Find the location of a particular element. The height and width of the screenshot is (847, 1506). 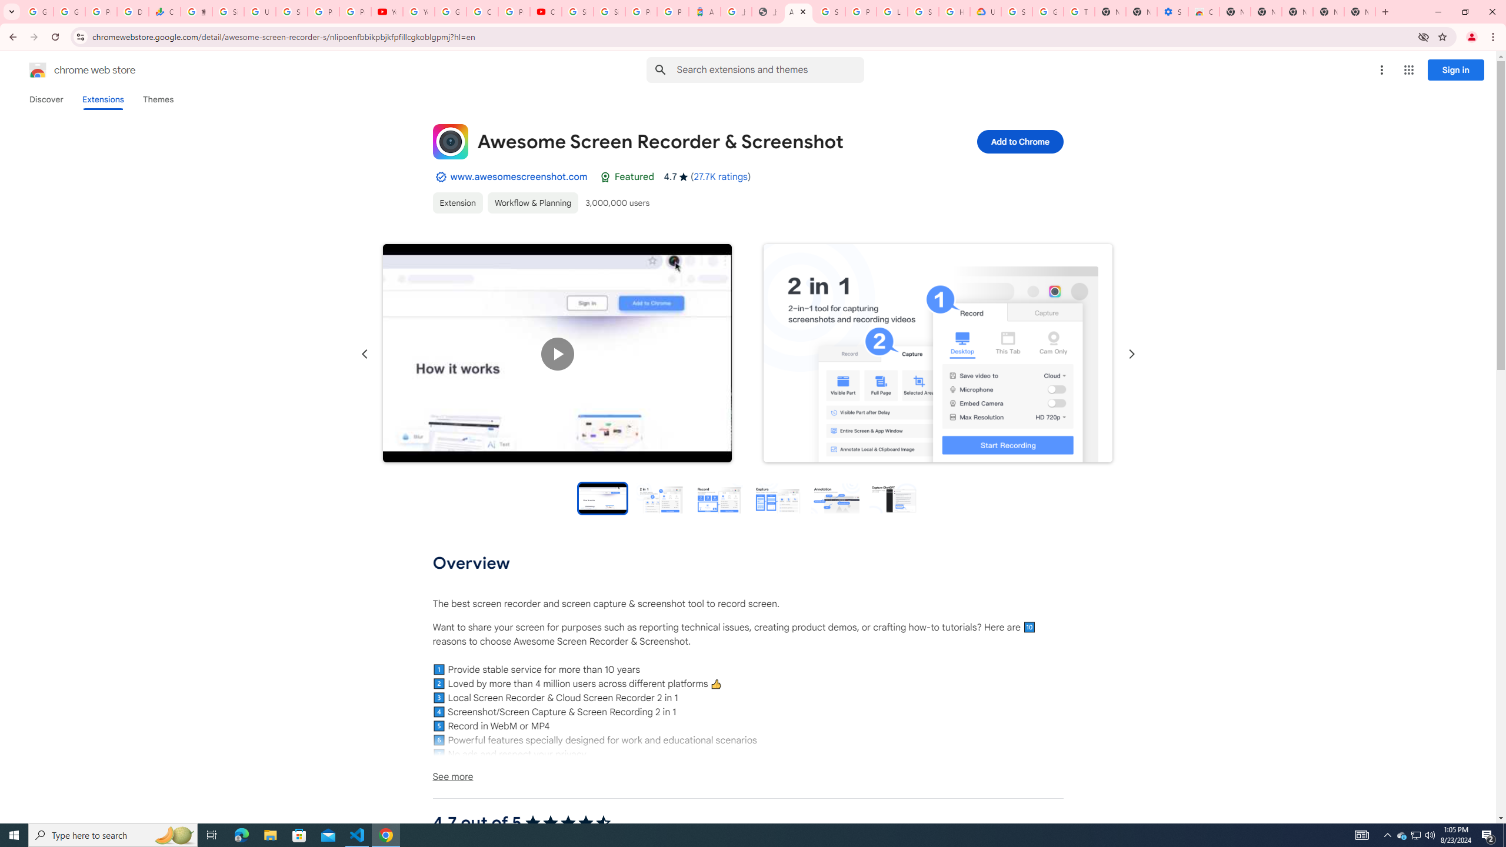

'Extension' is located at coordinates (458, 202).